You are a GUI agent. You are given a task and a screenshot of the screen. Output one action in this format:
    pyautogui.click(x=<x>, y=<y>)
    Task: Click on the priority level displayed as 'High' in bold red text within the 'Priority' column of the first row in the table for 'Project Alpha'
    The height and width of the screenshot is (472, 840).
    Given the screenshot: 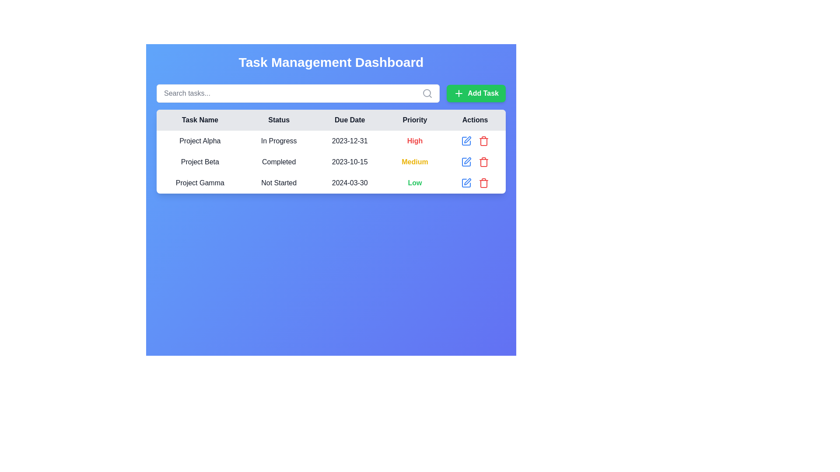 What is the action you would take?
    pyautogui.click(x=414, y=141)
    